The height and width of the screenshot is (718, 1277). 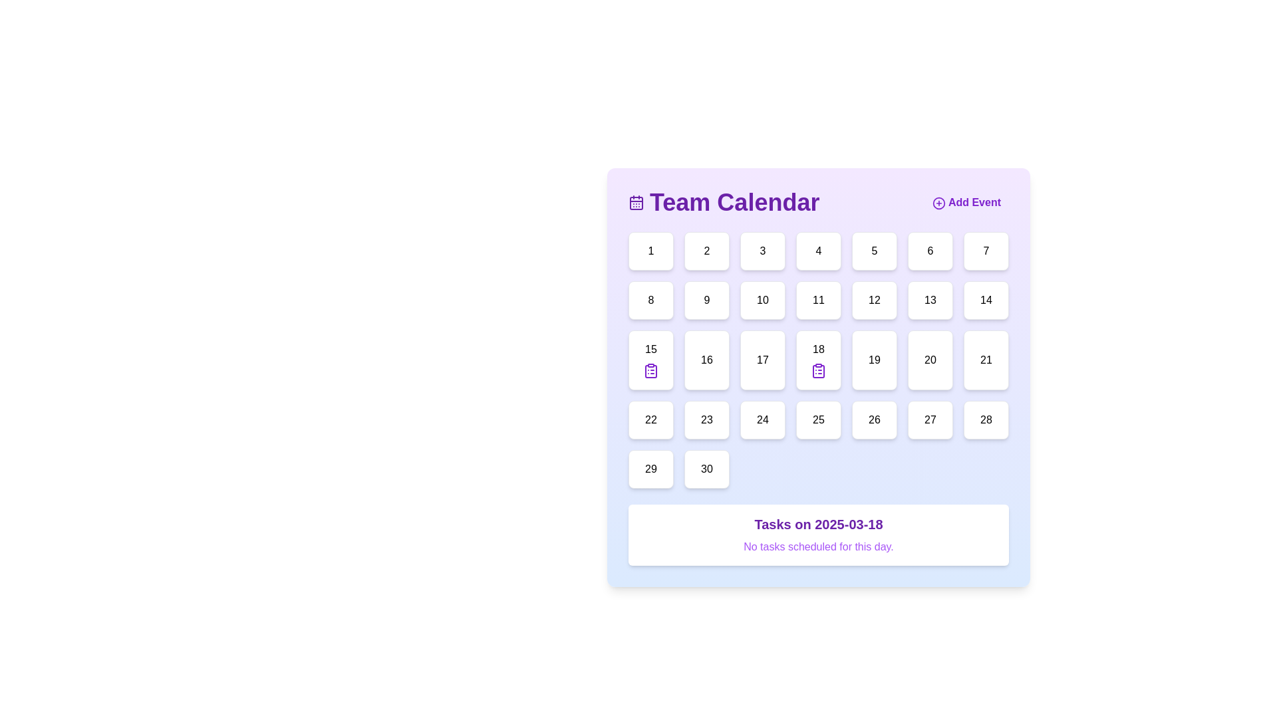 I want to click on the Calendar Date Box in the first column of the third row, so click(x=651, y=360).